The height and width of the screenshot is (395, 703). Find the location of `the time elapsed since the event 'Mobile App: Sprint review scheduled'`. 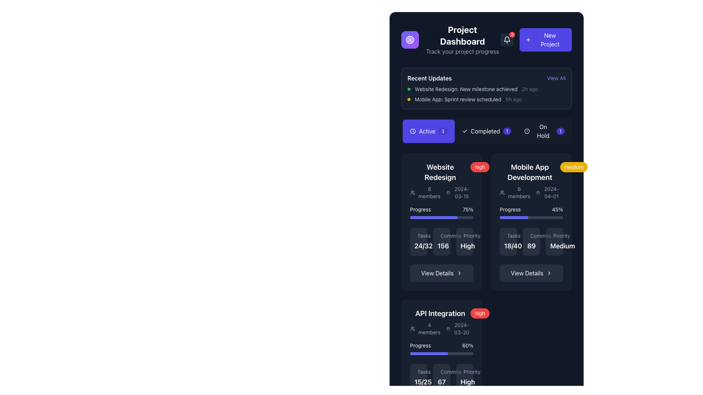

the time elapsed since the event 'Mobile App: Sprint review scheduled' is located at coordinates (513, 99).